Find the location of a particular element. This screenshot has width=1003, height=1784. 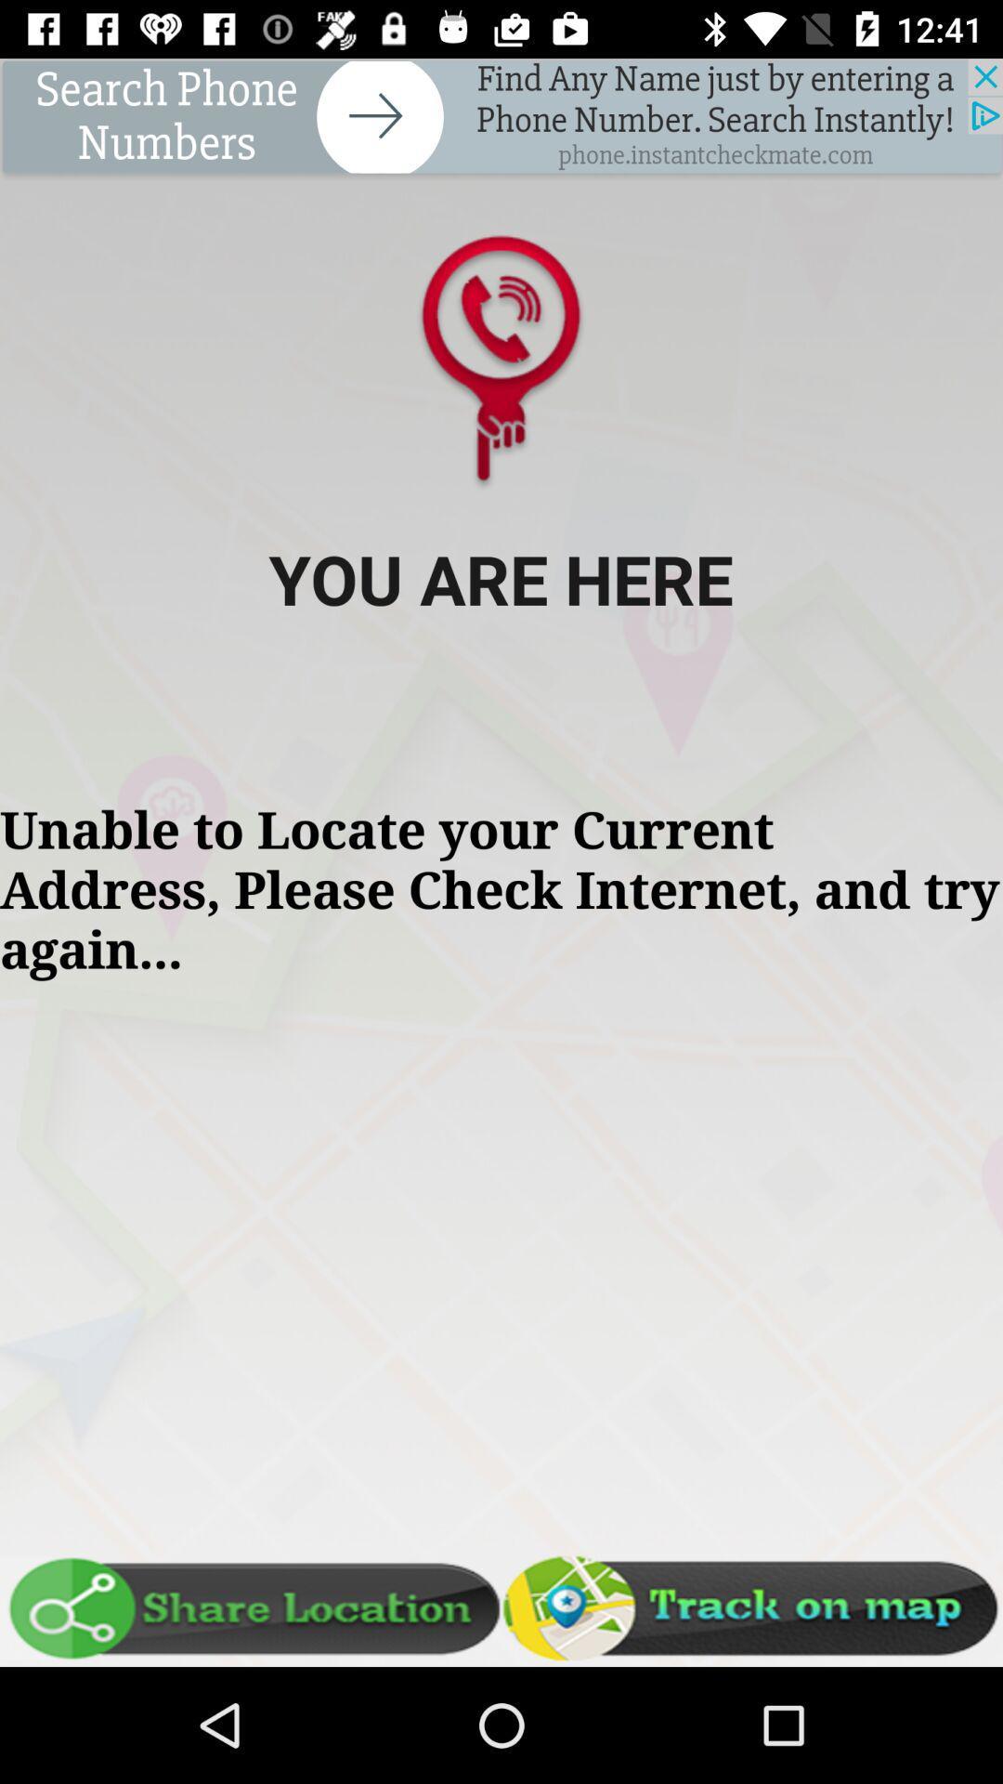

map tracker is located at coordinates (752, 1607).